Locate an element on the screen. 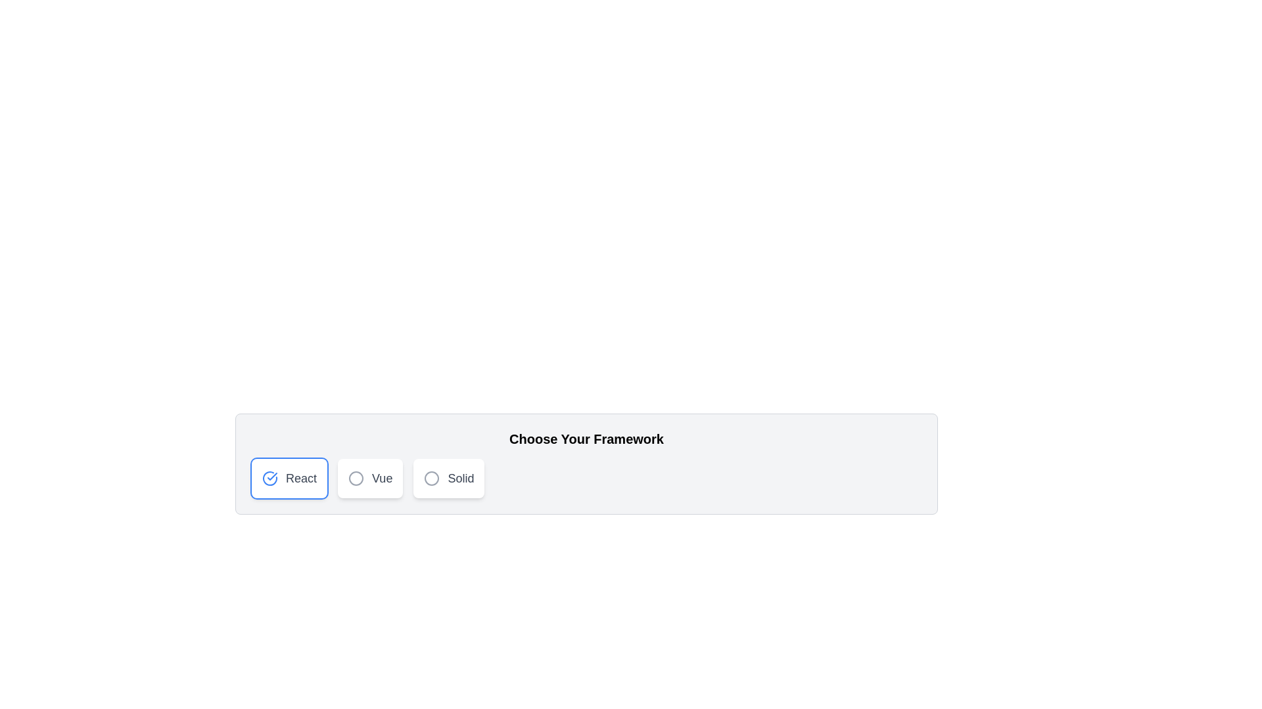  the header text 'Choose Your Framework', which is styled prominently in bold and large font, centrally placed above the selection options is located at coordinates (586, 439).